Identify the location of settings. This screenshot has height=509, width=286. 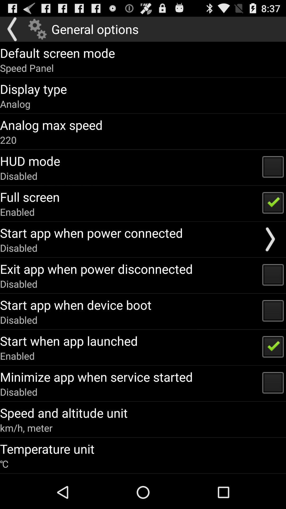
(37, 29).